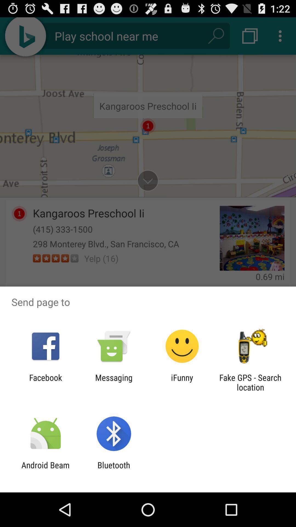 Image resolution: width=296 pixels, height=527 pixels. Describe the element at coordinates (113, 382) in the screenshot. I see `app to the left of ifunny app` at that location.